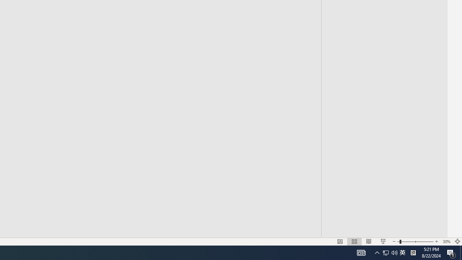 Image resolution: width=462 pixels, height=260 pixels. Describe the element at coordinates (446, 242) in the screenshot. I see `'Zoom 30%'` at that location.